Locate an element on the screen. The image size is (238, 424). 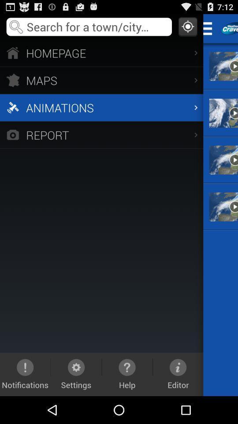
the item above the animations is located at coordinates (101, 80).